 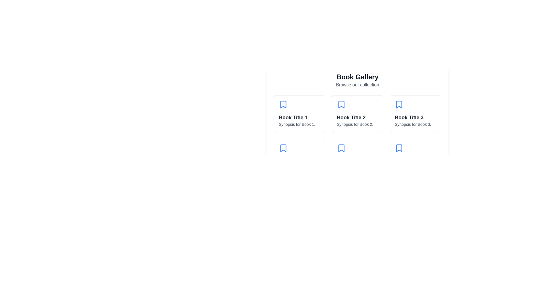 I want to click on the blue bookmark icon at the top of the Card component titled 'Book Title 1' to save it, so click(x=299, y=114).